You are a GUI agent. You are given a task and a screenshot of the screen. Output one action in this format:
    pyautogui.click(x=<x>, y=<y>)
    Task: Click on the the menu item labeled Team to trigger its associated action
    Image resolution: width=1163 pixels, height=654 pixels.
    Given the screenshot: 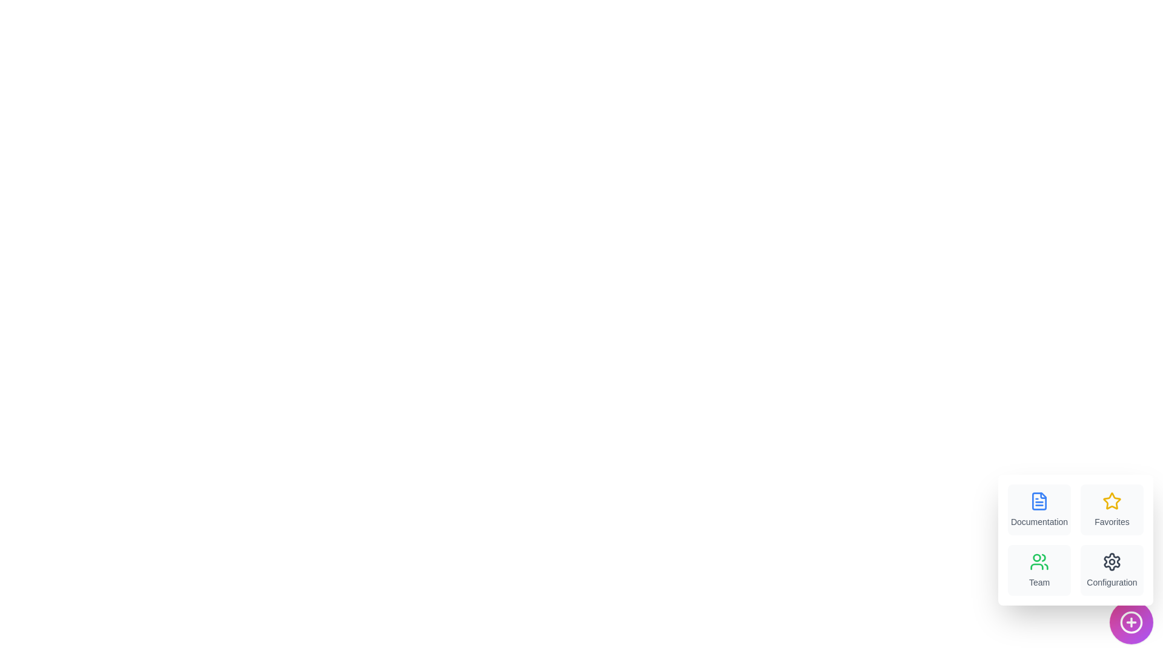 What is the action you would take?
    pyautogui.click(x=1039, y=570)
    